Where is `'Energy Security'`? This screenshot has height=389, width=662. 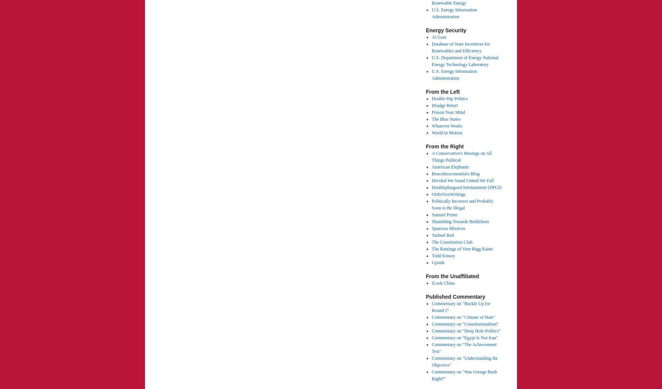 'Energy Security' is located at coordinates (445, 30).